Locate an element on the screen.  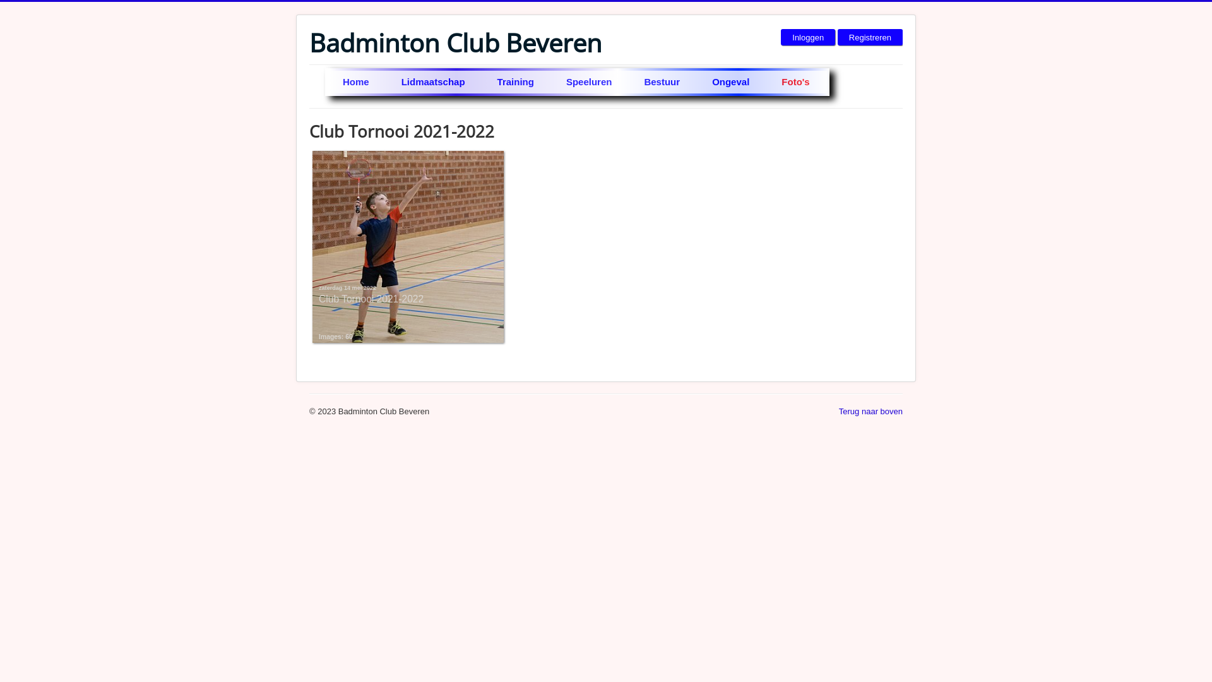
'Training' is located at coordinates (516, 82).